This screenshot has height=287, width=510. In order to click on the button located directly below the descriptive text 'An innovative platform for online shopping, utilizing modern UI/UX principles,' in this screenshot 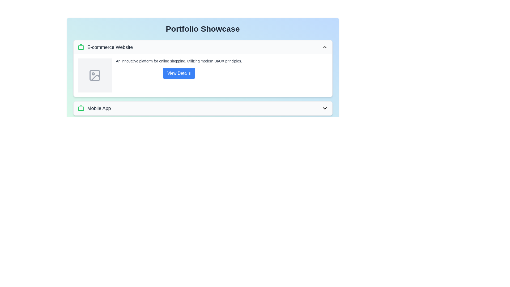, I will do `click(179, 73)`.